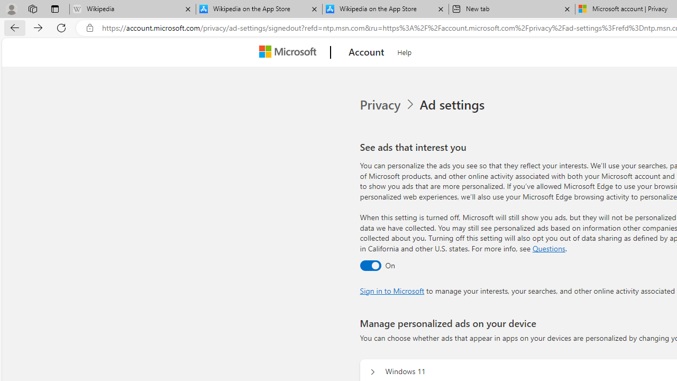 This screenshot has height=381, width=677. I want to click on 'Forward', so click(38, 27).